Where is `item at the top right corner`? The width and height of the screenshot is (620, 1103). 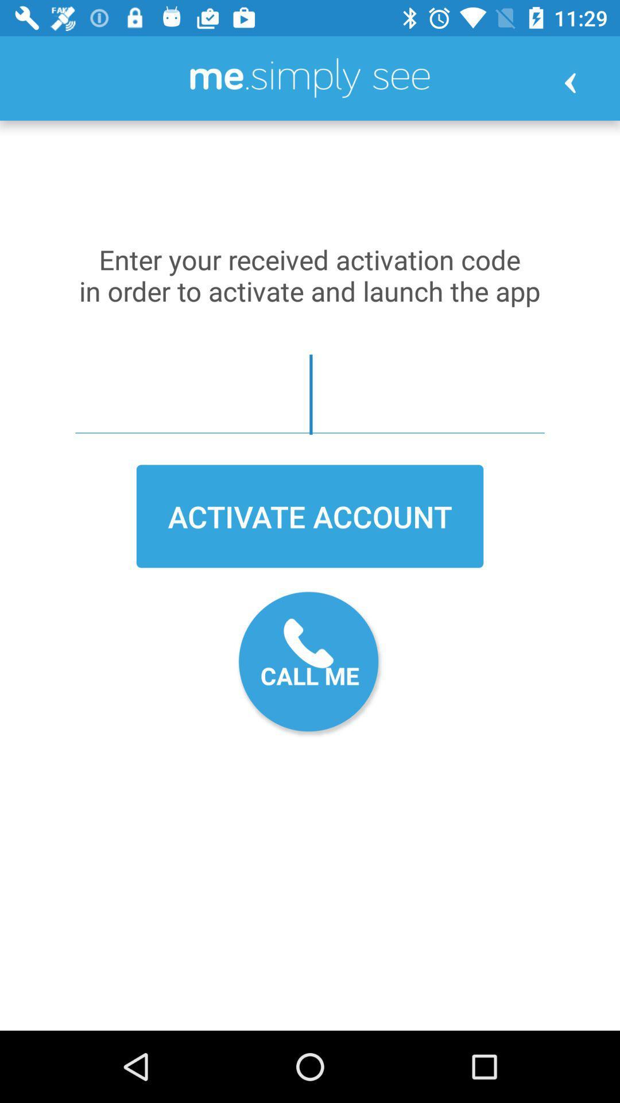 item at the top right corner is located at coordinates (570, 82).